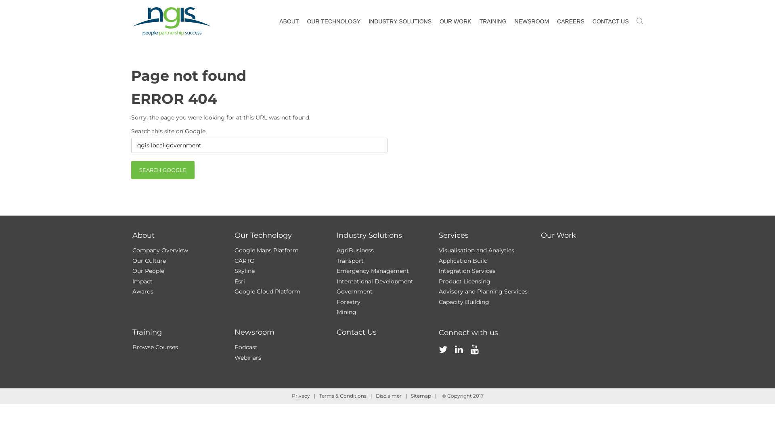 The width and height of the screenshot is (775, 436). I want to click on 'CAREERS', so click(570, 21).